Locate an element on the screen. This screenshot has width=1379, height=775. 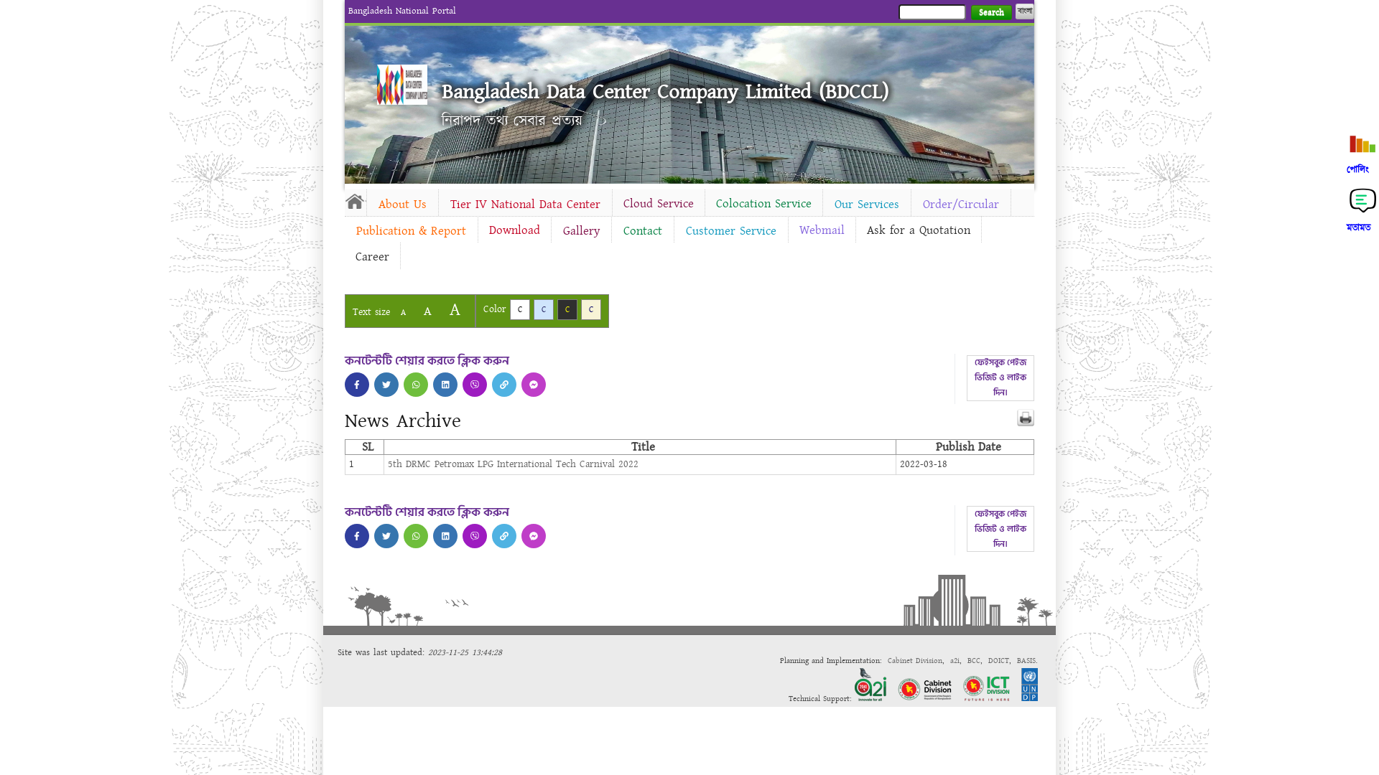
'BCC' is located at coordinates (967, 660).